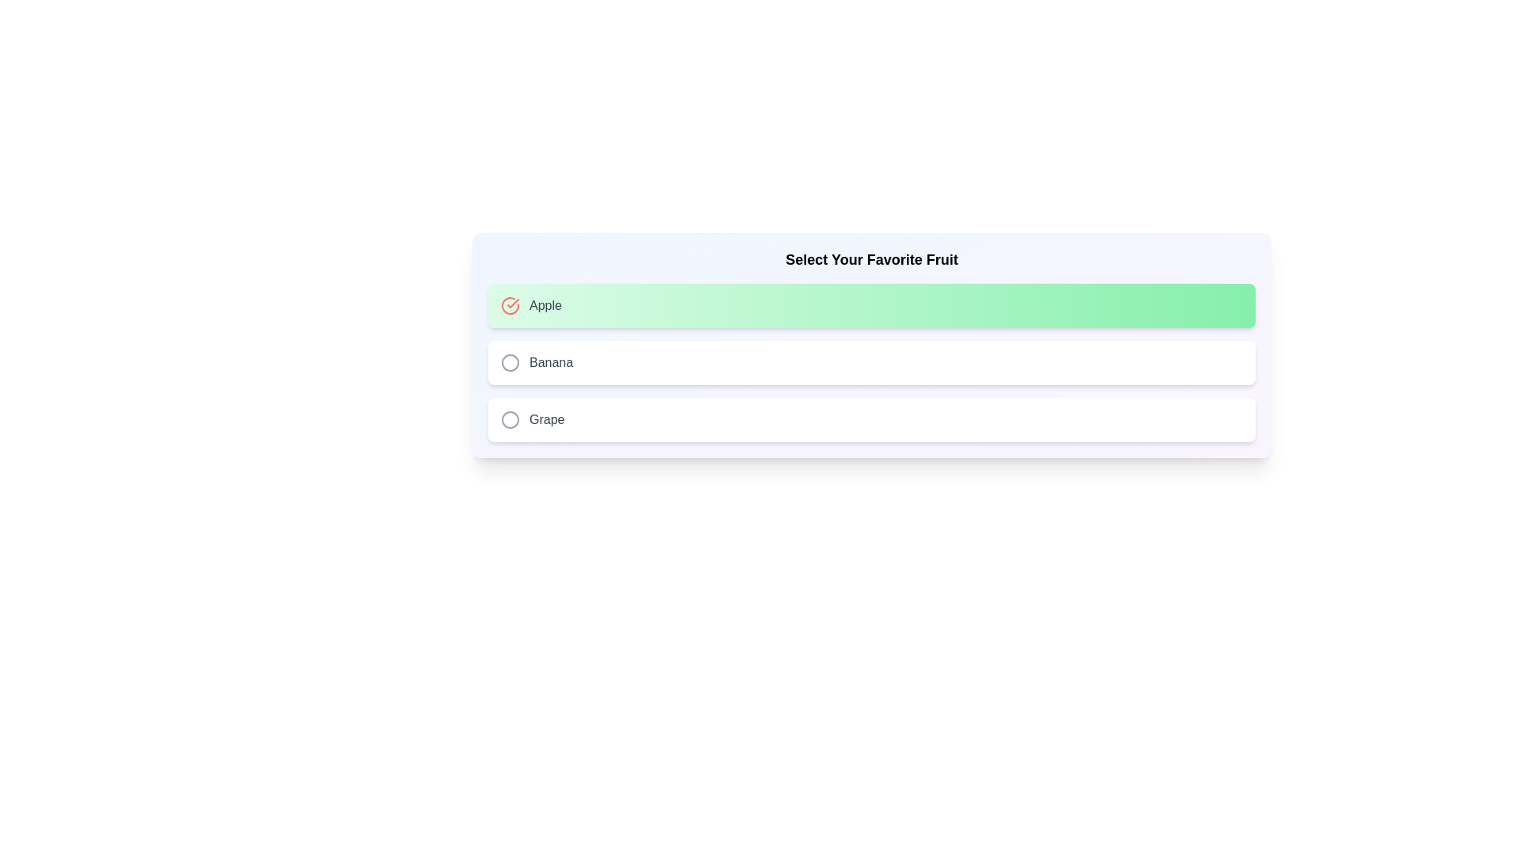 The image size is (1522, 856). I want to click on the selection status icon indicating that the 'Apple' option is selected, located in the top left corner of its row, so click(510, 305).